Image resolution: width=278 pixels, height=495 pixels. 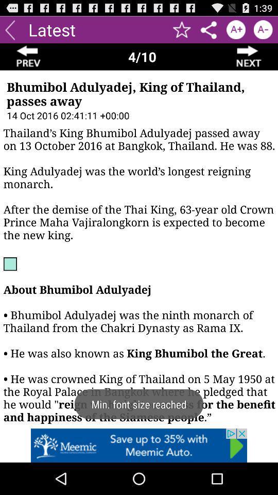 I want to click on the arrow_forward icon, so click(x=249, y=60).